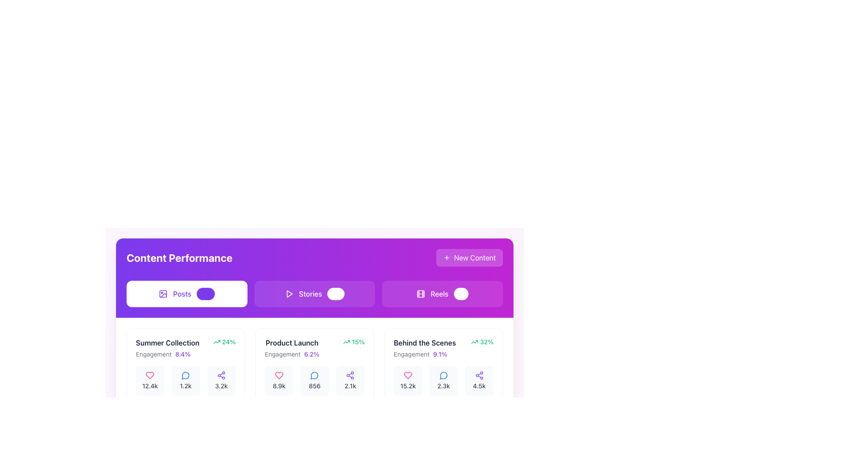 This screenshot has height=476, width=847. Describe the element at coordinates (185, 348) in the screenshot. I see `the textual data display component titled 'Summer Collection' which shows 'Engagement 8.4%' and a green '24%' trend percentage` at that location.